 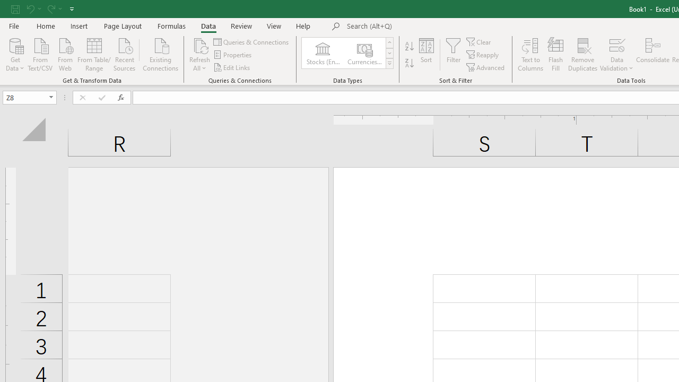 What do you see at coordinates (208, 25) in the screenshot?
I see `'Data'` at bounding box center [208, 25].